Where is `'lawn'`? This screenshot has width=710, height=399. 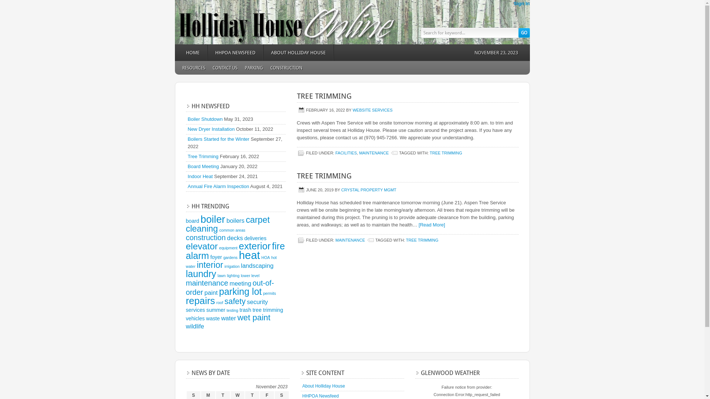 'lawn' is located at coordinates (221, 275).